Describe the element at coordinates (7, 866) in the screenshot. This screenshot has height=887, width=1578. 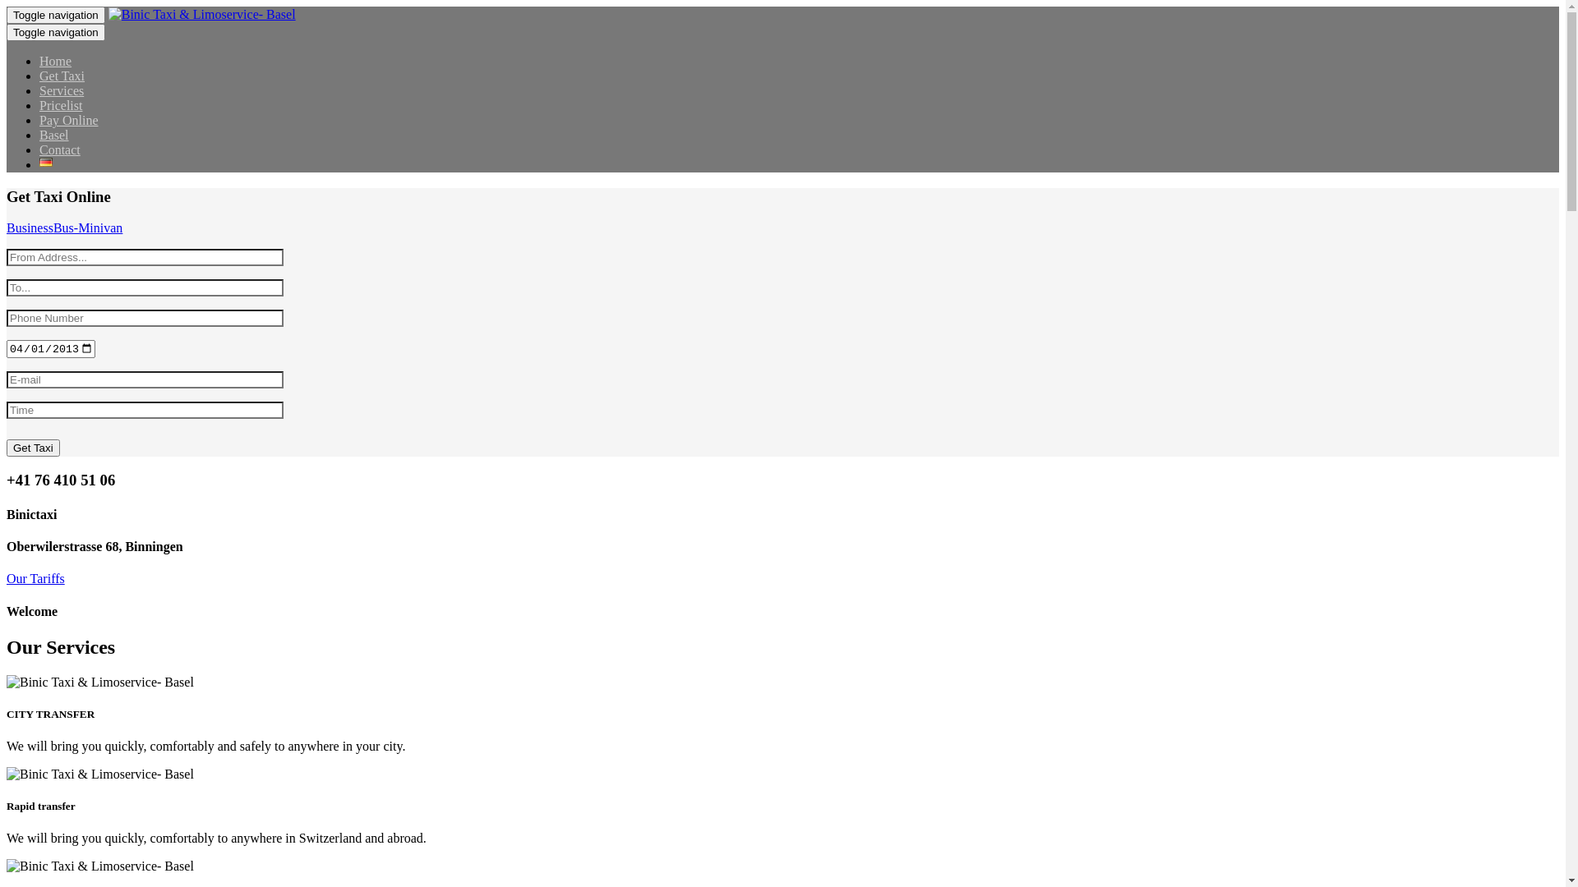
I see `'Binic Taxi & Limoservice- Basel'` at that location.